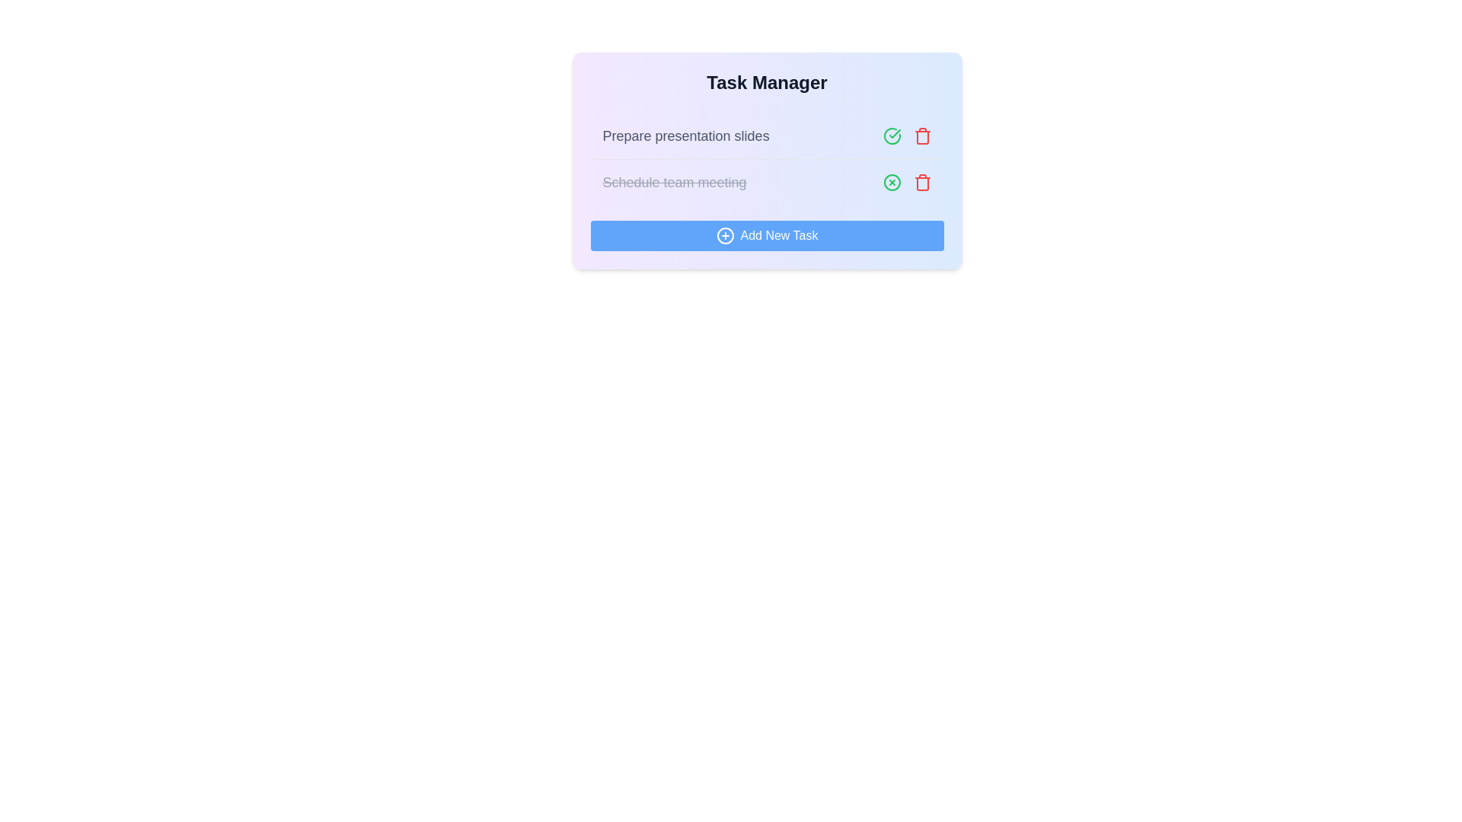  Describe the element at coordinates (921, 135) in the screenshot. I see `the delete icon for the task with the name Prepare presentation slides` at that location.